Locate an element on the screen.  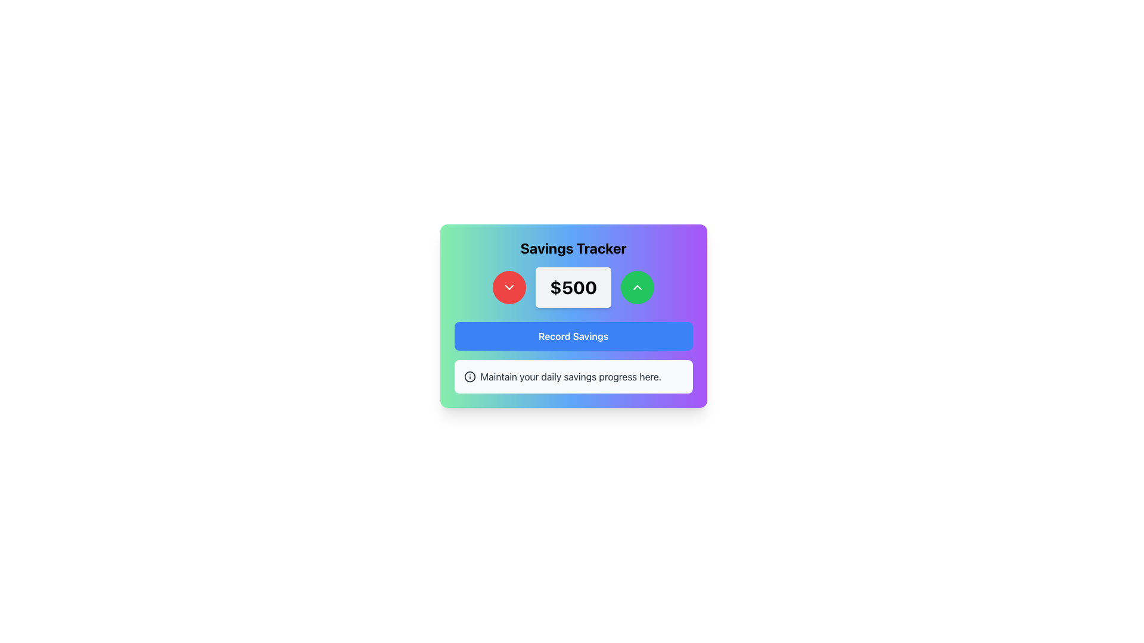
the monetary value display located centrally within the 'Savings Tracker' card, positioned beneath the title and between a red circular button on the left and a green circular button on the right is located at coordinates (573, 287).